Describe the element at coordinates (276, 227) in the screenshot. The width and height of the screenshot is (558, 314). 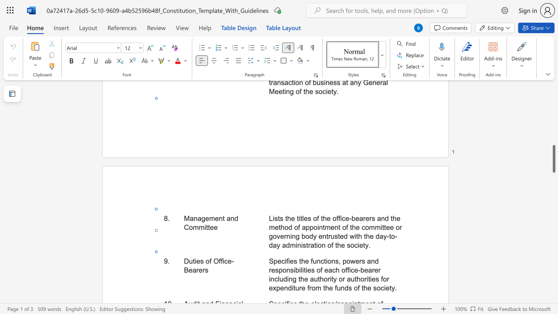
I see `the 8th character "e" in the text` at that location.